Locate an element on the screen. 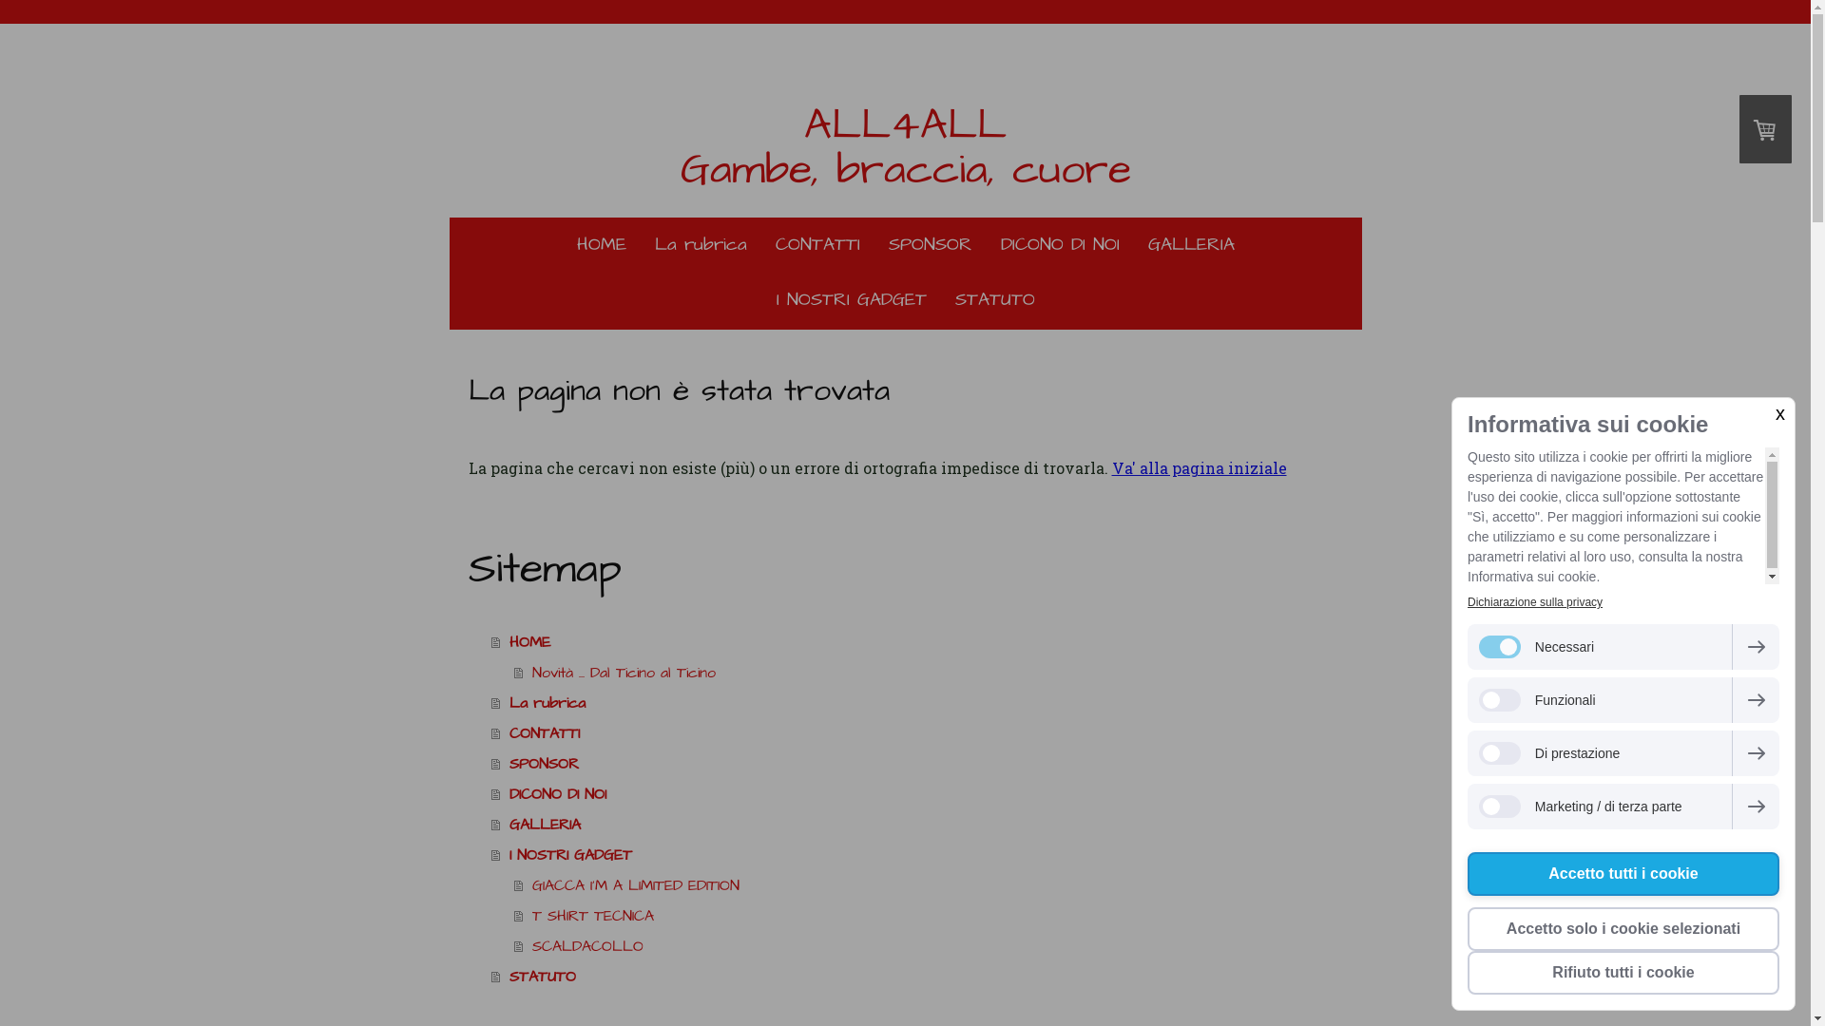 This screenshot has height=1026, width=1825. 'Va' alla pagina iniziale' is located at coordinates (1199, 467).